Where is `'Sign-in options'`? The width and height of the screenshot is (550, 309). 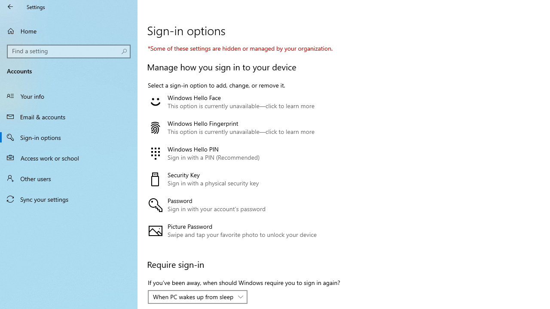 'Sign-in options' is located at coordinates (69, 137).